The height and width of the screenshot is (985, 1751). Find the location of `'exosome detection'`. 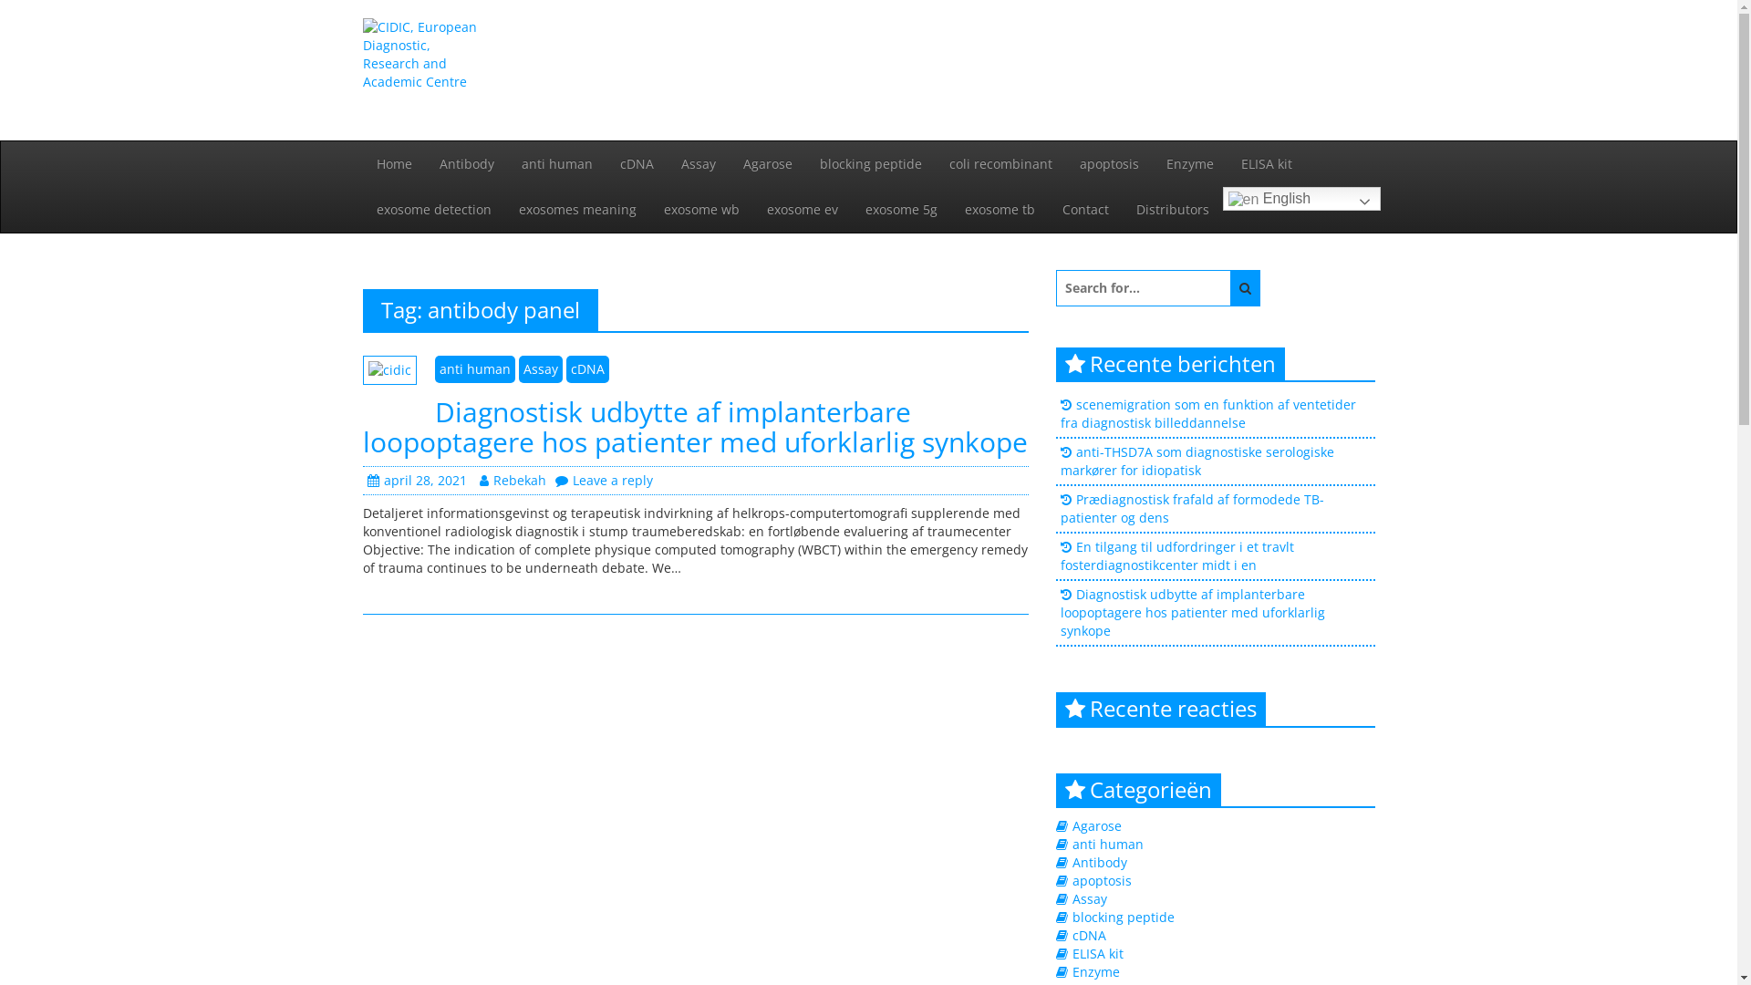

'exosome detection' is located at coordinates (432, 209).